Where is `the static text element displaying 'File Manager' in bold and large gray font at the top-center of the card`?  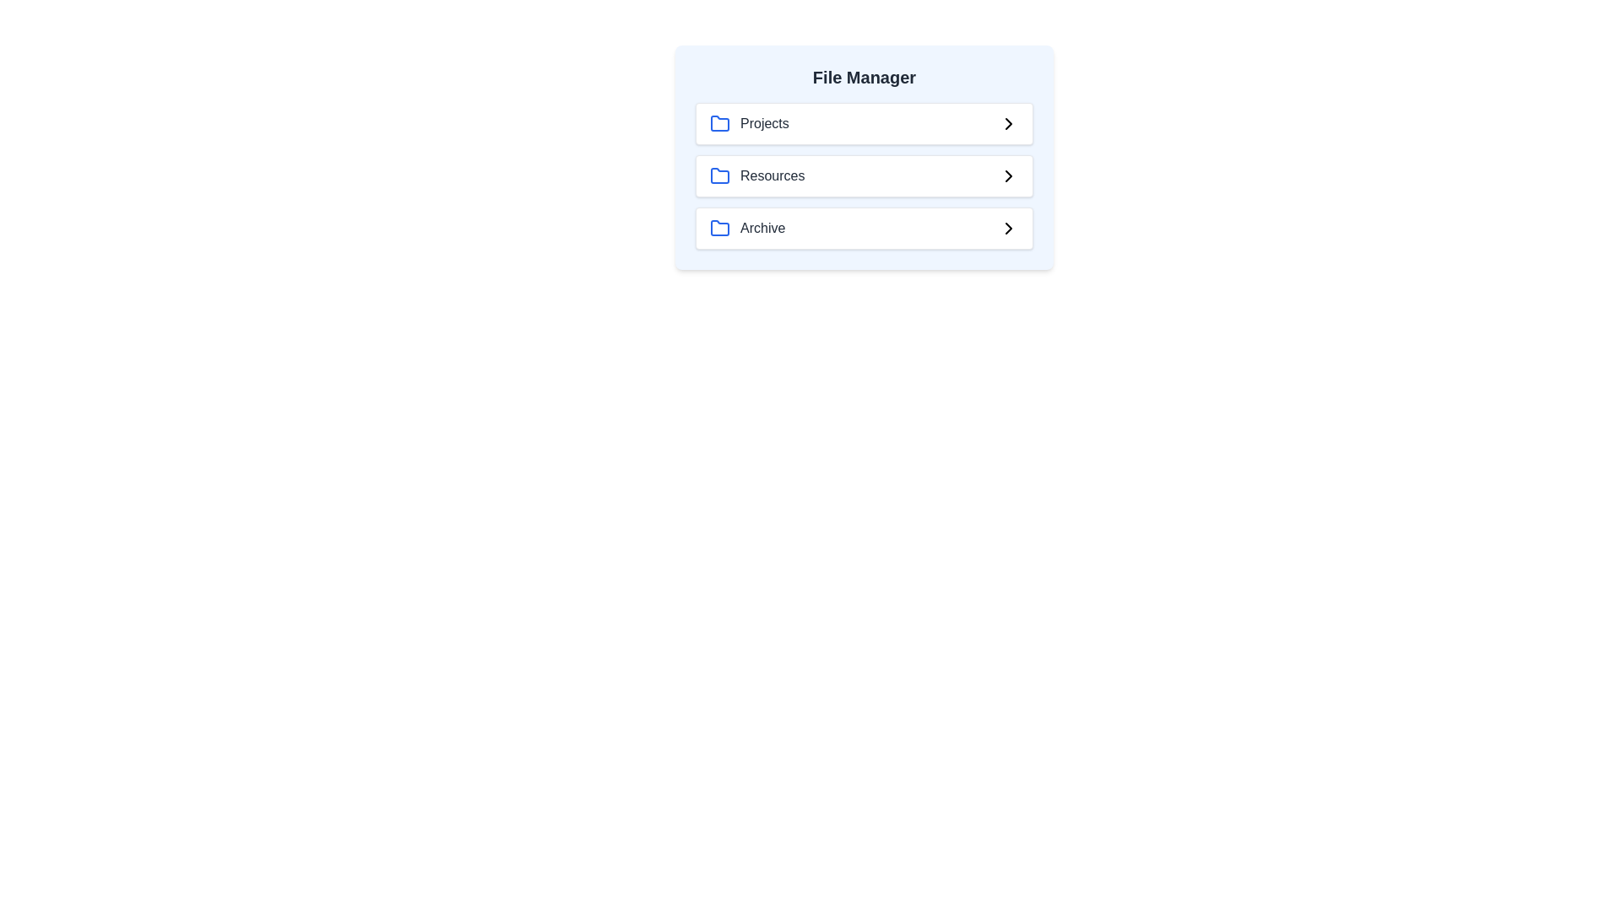 the static text element displaying 'File Manager' in bold and large gray font at the top-center of the card is located at coordinates (864, 78).